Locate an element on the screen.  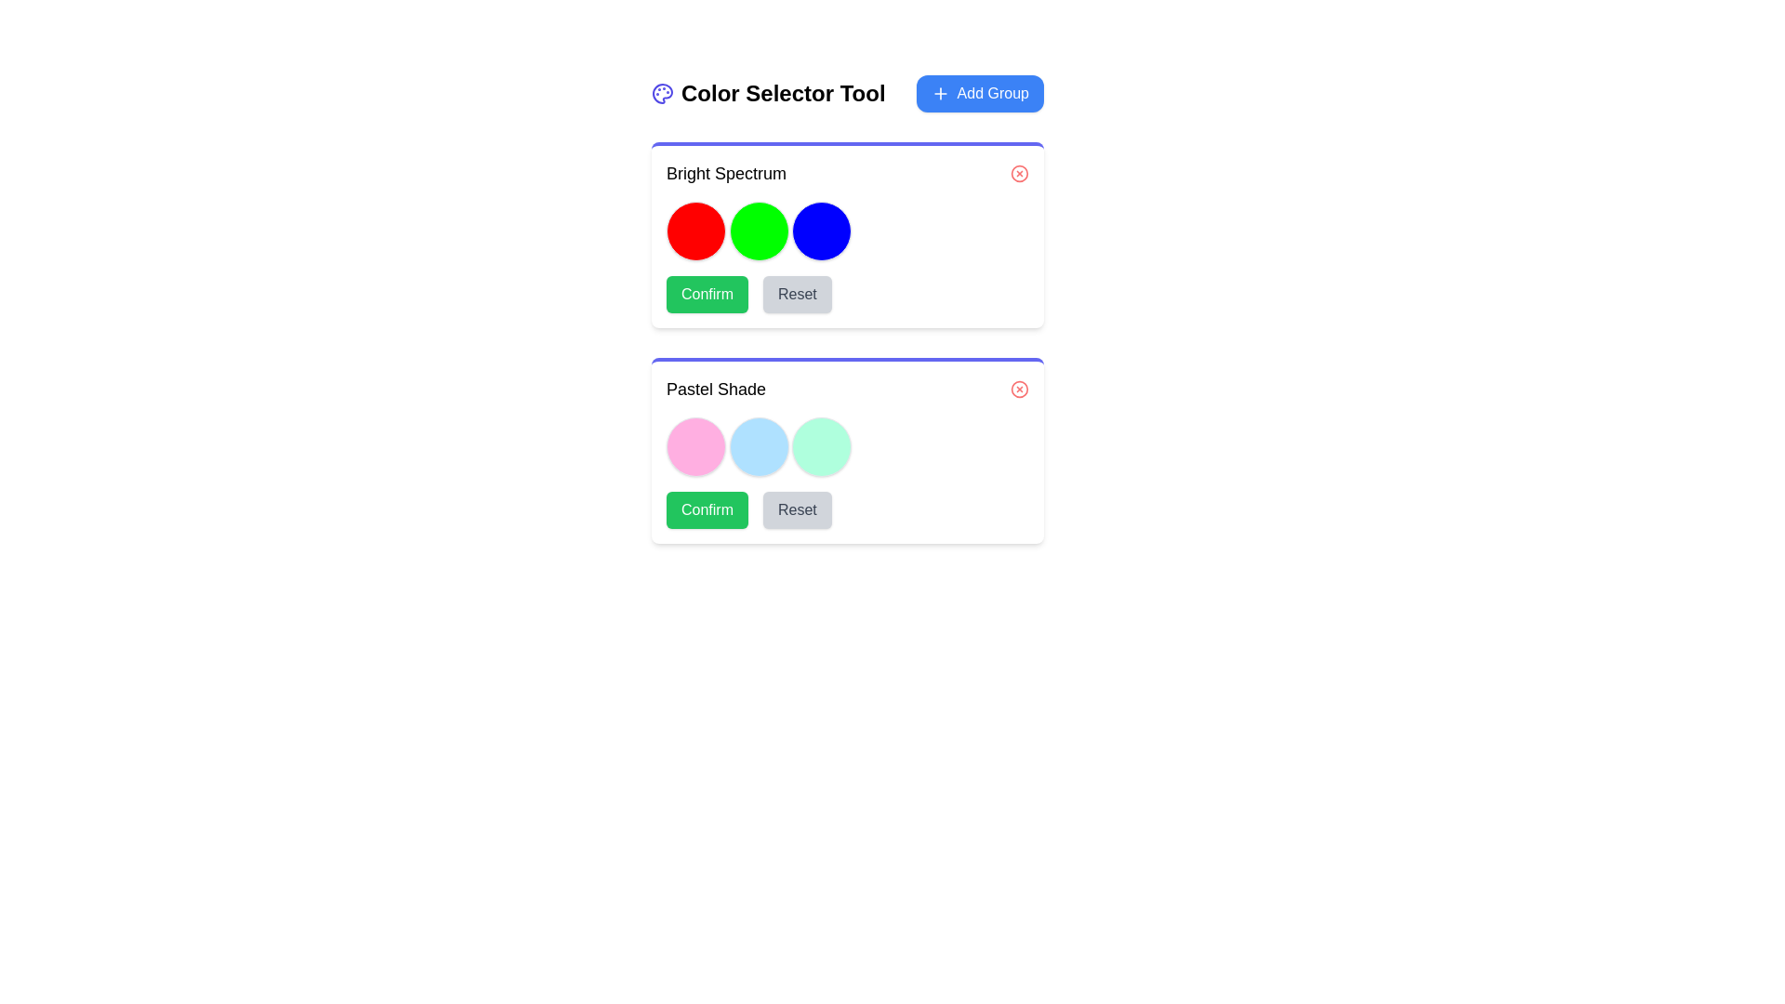
the close/delete button located at the top-right corner of the 'Pastel Shade' card is located at coordinates (1019, 389).